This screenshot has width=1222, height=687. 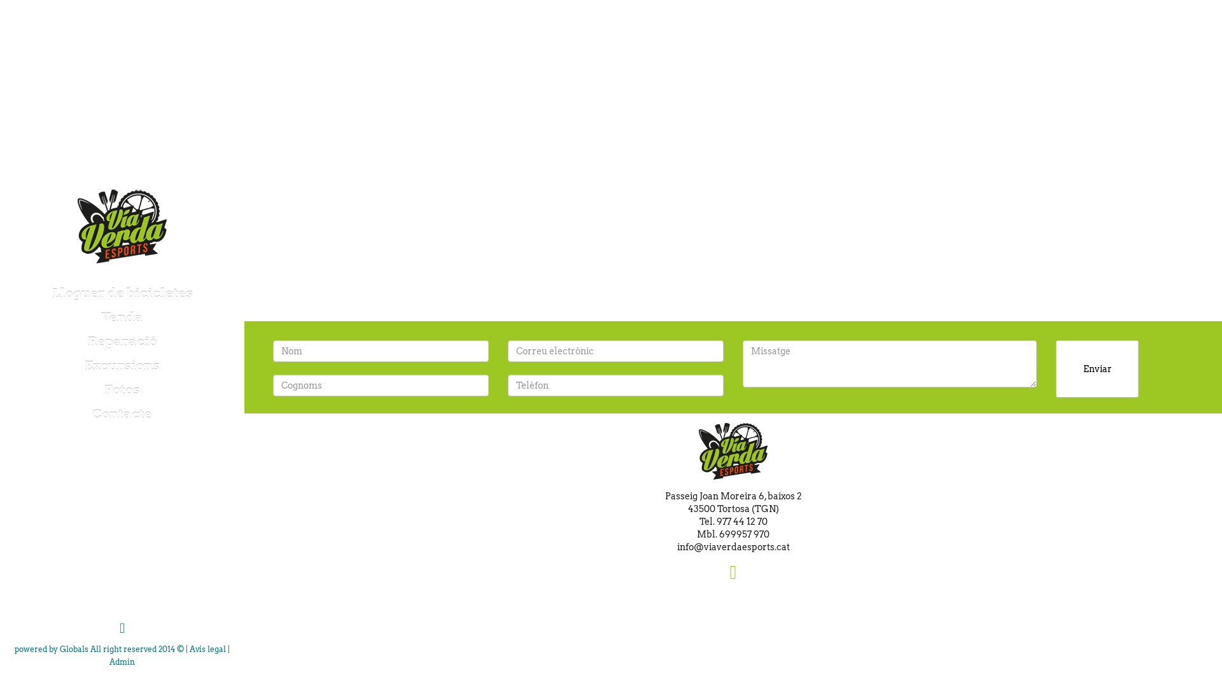 What do you see at coordinates (122, 317) in the screenshot?
I see `'Venda'` at bounding box center [122, 317].